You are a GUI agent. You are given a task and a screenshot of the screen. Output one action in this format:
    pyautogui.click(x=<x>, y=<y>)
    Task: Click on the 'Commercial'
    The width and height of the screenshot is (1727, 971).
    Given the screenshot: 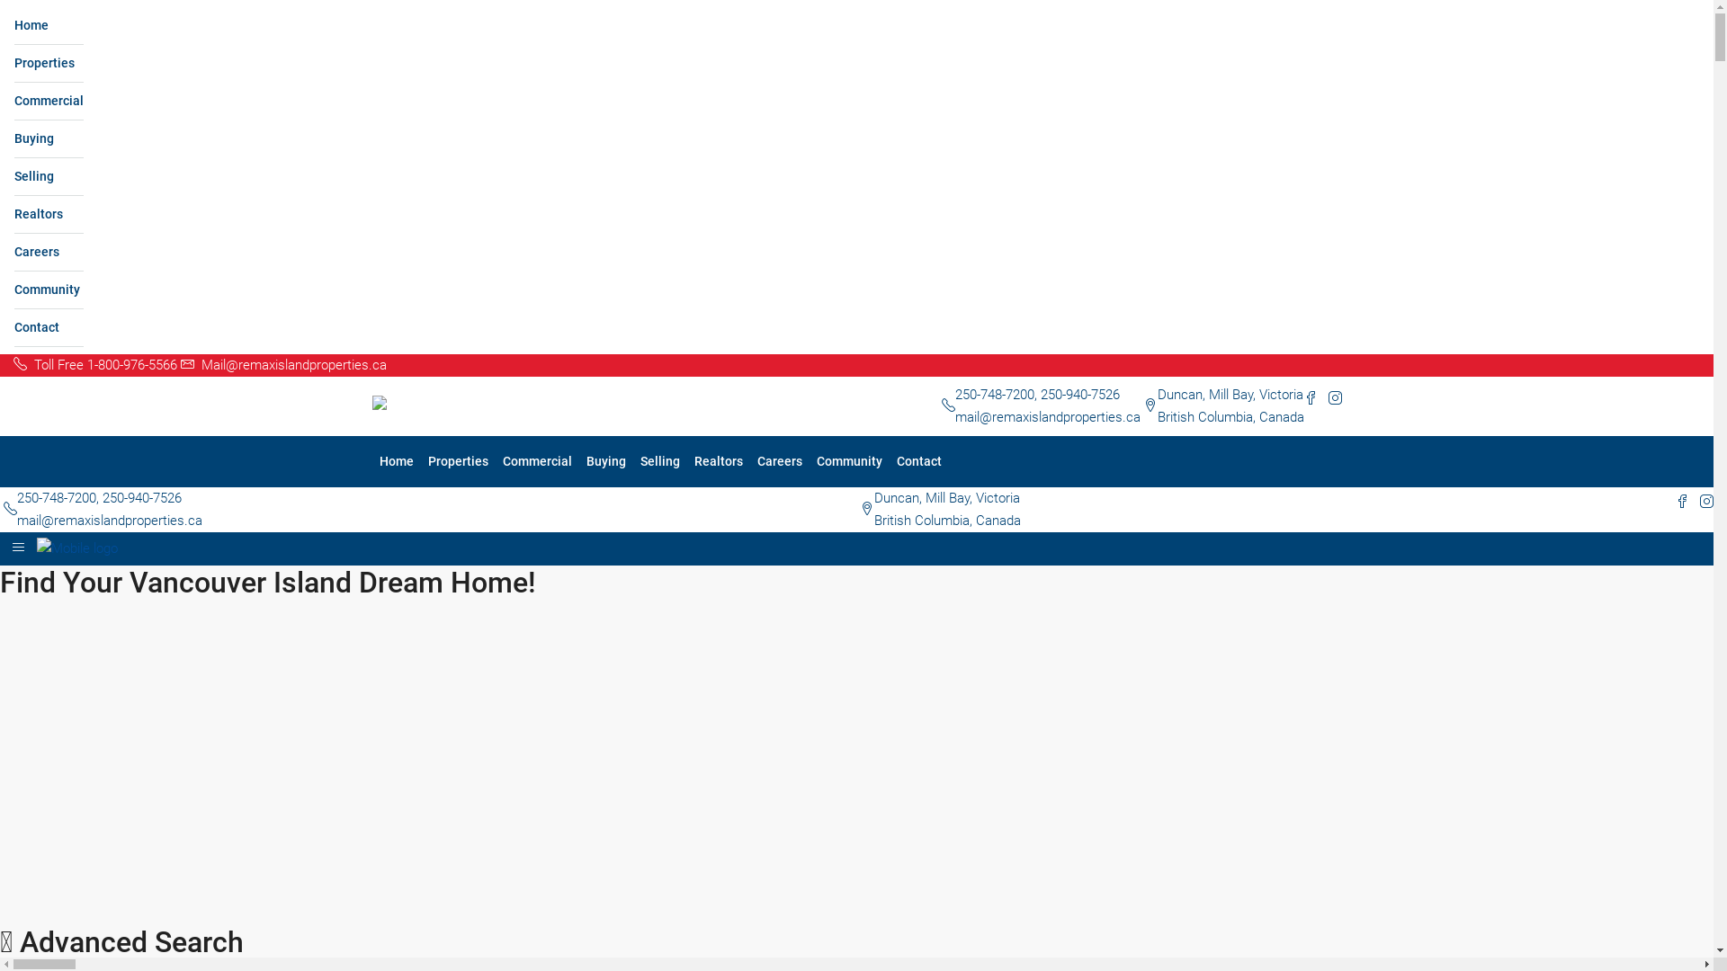 What is the action you would take?
    pyautogui.click(x=495, y=460)
    